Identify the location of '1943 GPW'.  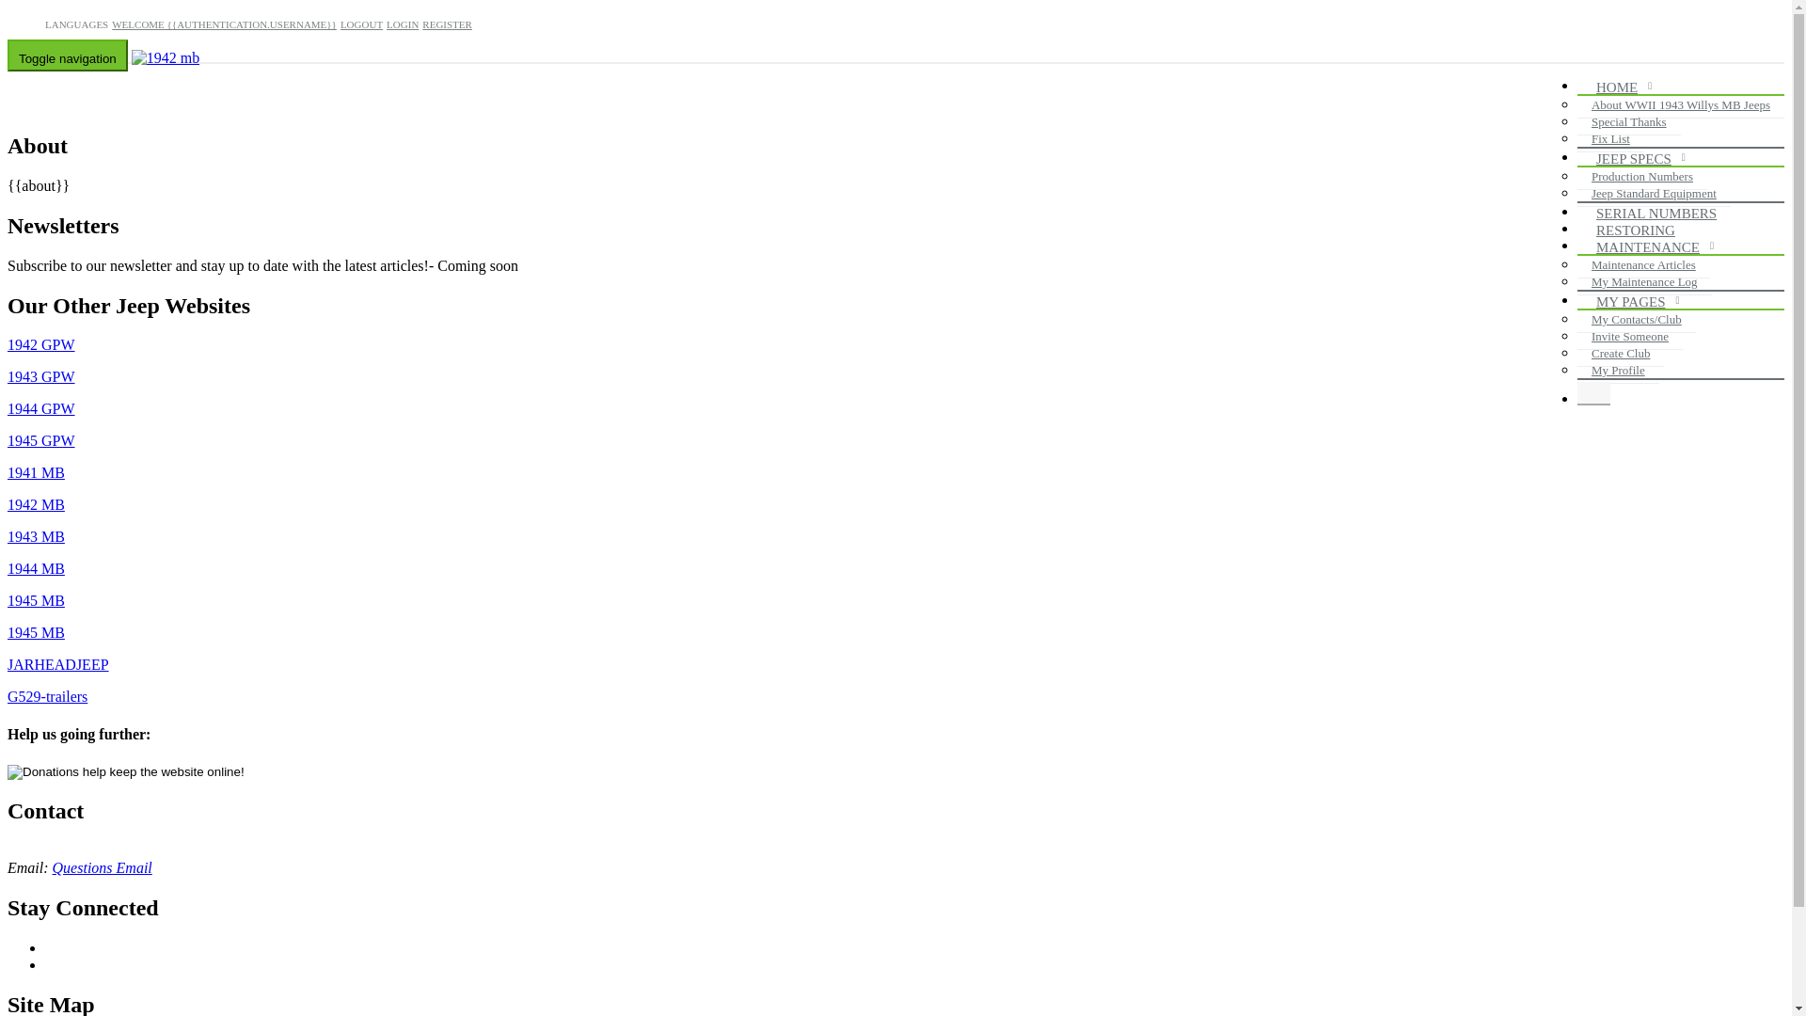
(40, 376).